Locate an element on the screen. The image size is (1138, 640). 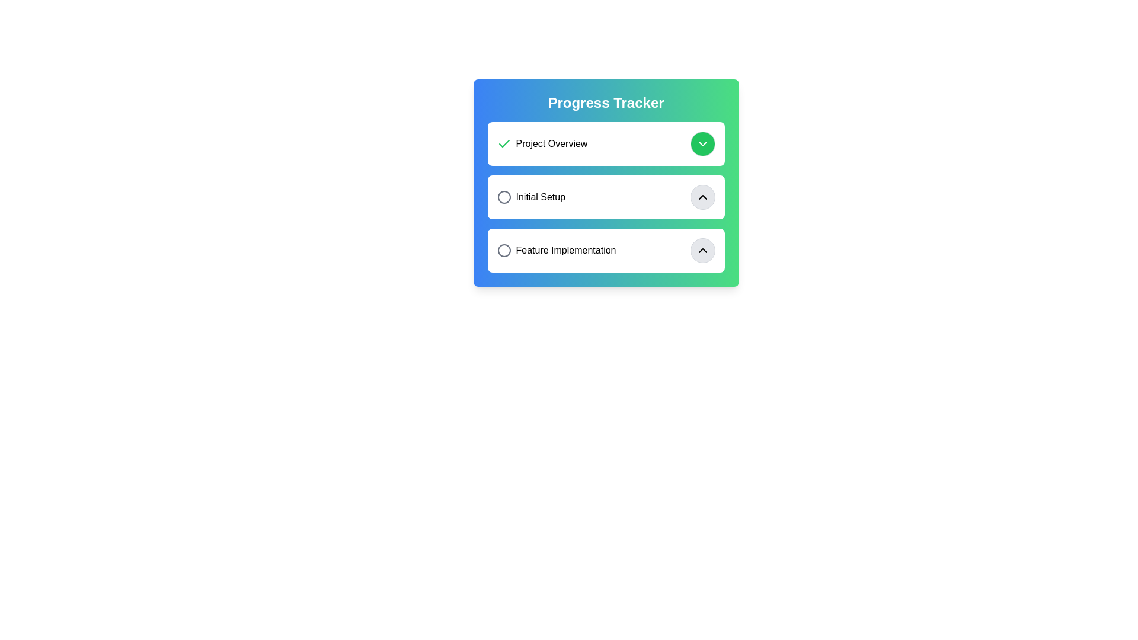
the status indicator icon located to the extreme left of the list item labeled 'Feature Implementation' is located at coordinates (504, 250).